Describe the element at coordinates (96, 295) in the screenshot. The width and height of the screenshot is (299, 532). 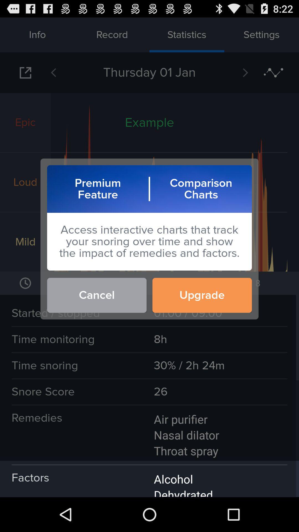
I see `the icon next to the upgrade item` at that location.